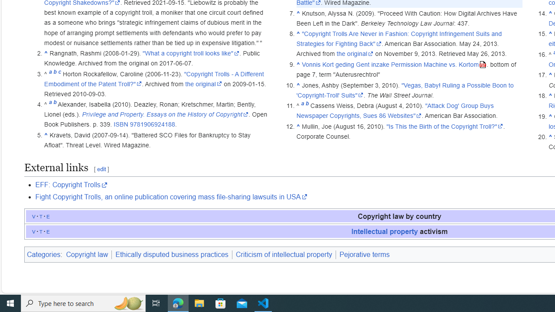  Describe the element at coordinates (71, 185) in the screenshot. I see `'EFF: Copyright Trolls'` at that location.